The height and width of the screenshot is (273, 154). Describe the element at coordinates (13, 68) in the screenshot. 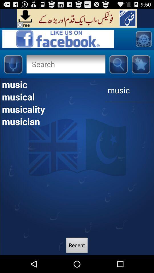

I see `the microphone icon` at that location.